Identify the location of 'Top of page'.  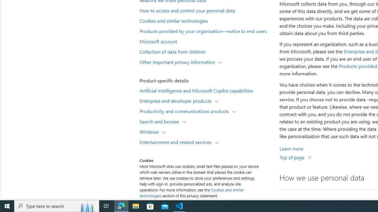
(296, 157).